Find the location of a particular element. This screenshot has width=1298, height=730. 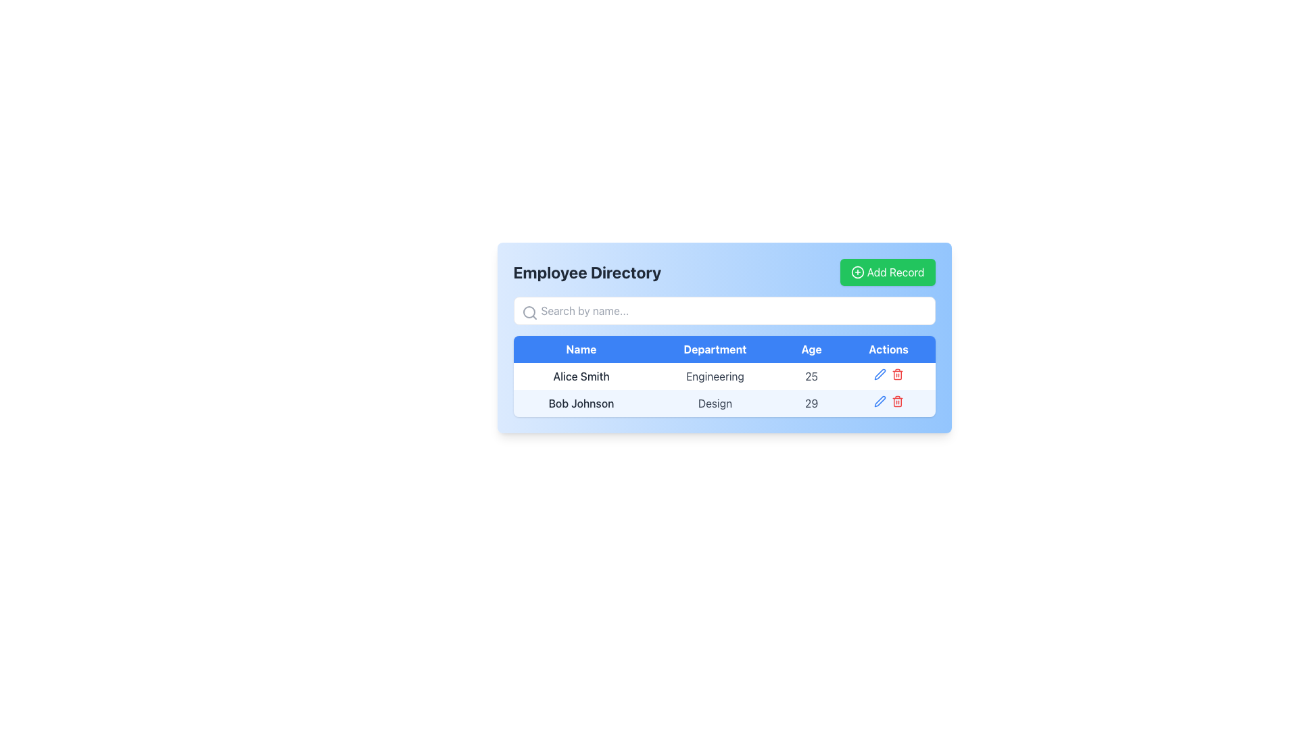

the static text element displaying the name 'Bob Johnson' in the employee directory located in the second row and first column under the 'Name' header is located at coordinates (581, 403).